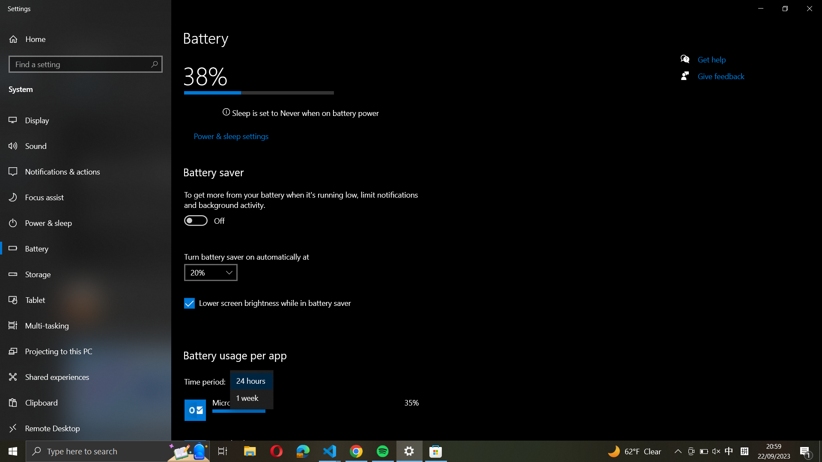  What do you see at coordinates (195, 220) in the screenshot?
I see `When battery saver mode is on, activate notification restrictions and minimize background activity` at bounding box center [195, 220].